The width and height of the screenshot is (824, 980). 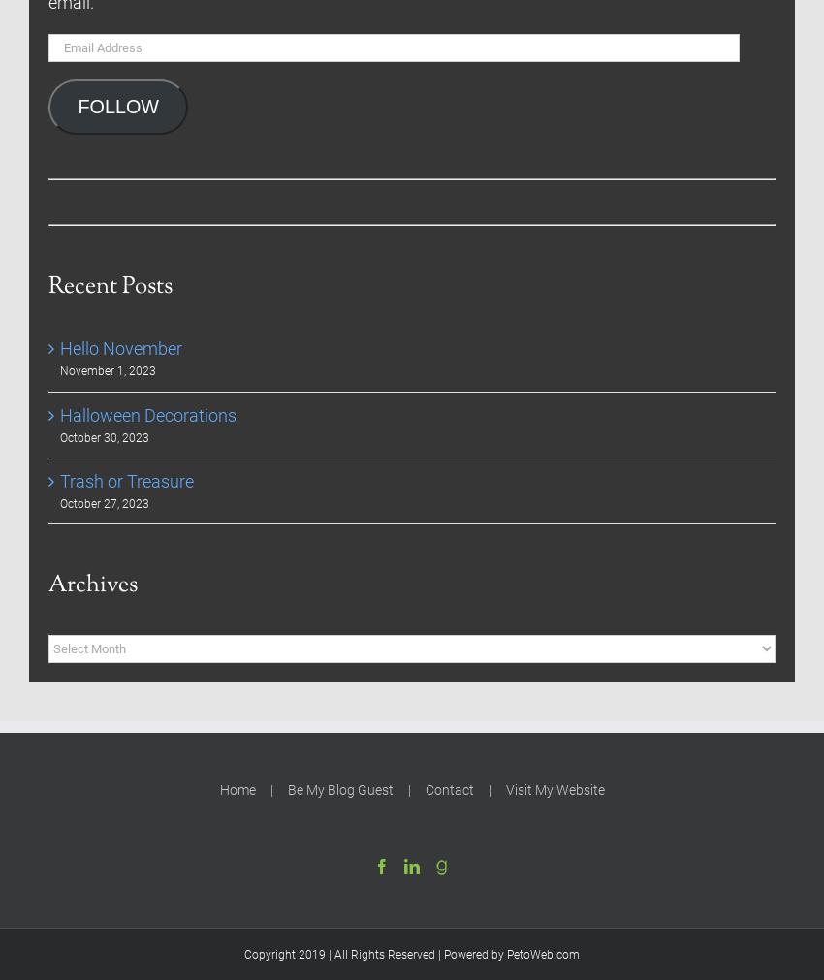 I want to click on 'Contact', so click(x=447, y=787).